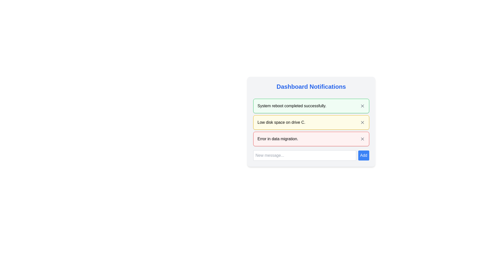  Describe the element at coordinates (362, 139) in the screenshot. I see `the close icon represented by a small cross shape 'X' inside the third notification card indicating 'Error in data migration.'` at that location.